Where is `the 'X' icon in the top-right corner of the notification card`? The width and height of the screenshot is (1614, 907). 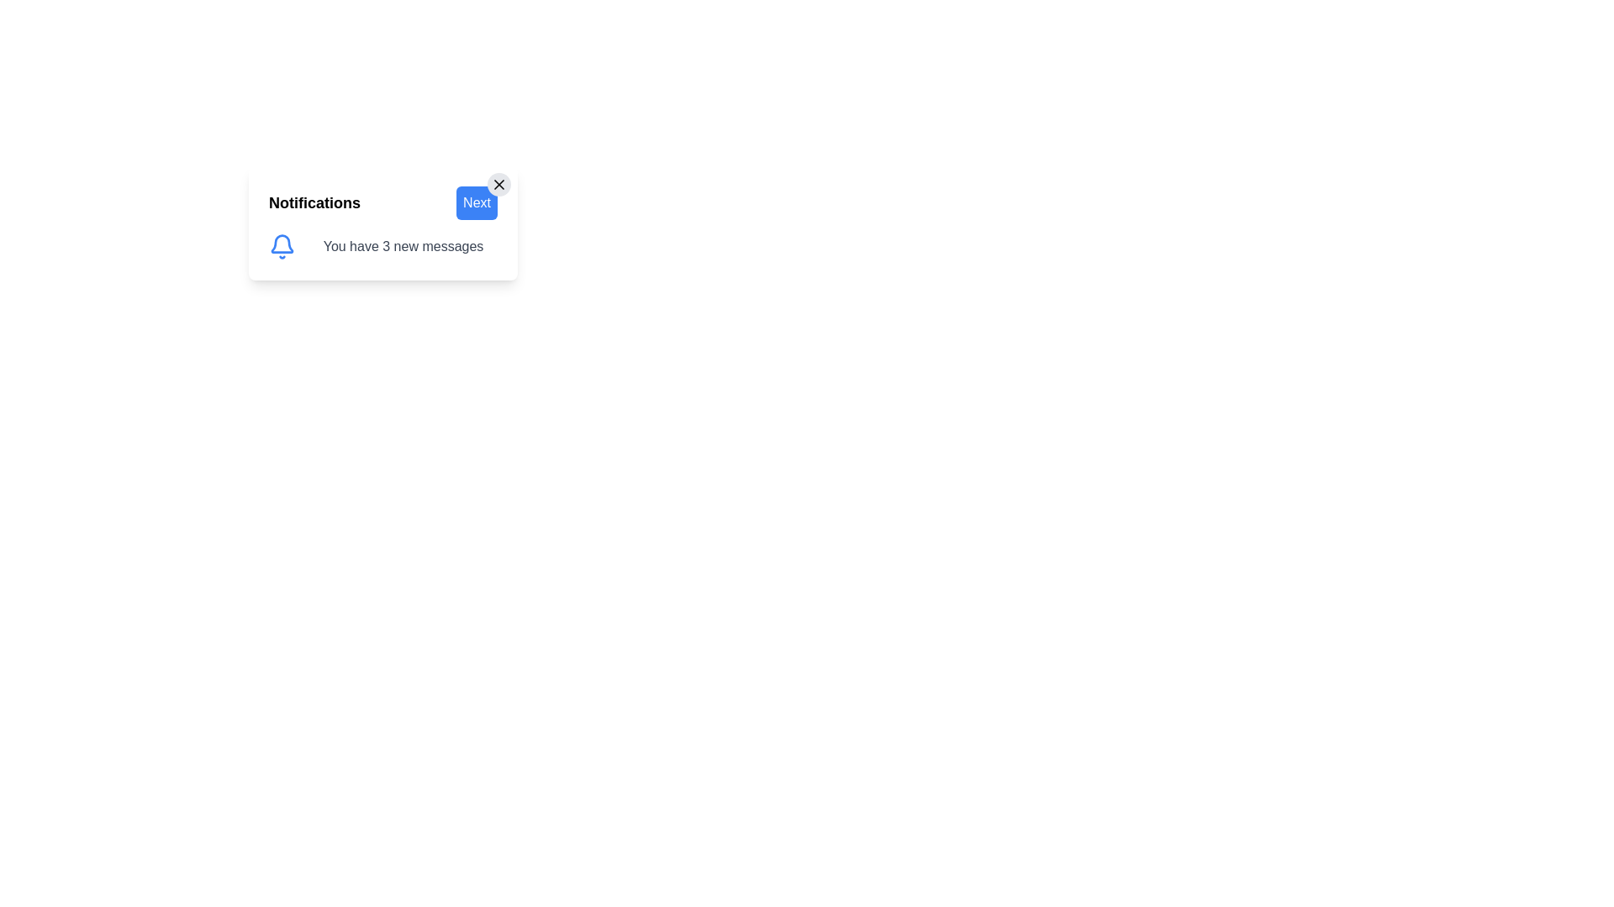
the 'X' icon in the top-right corner of the notification card is located at coordinates (498, 184).